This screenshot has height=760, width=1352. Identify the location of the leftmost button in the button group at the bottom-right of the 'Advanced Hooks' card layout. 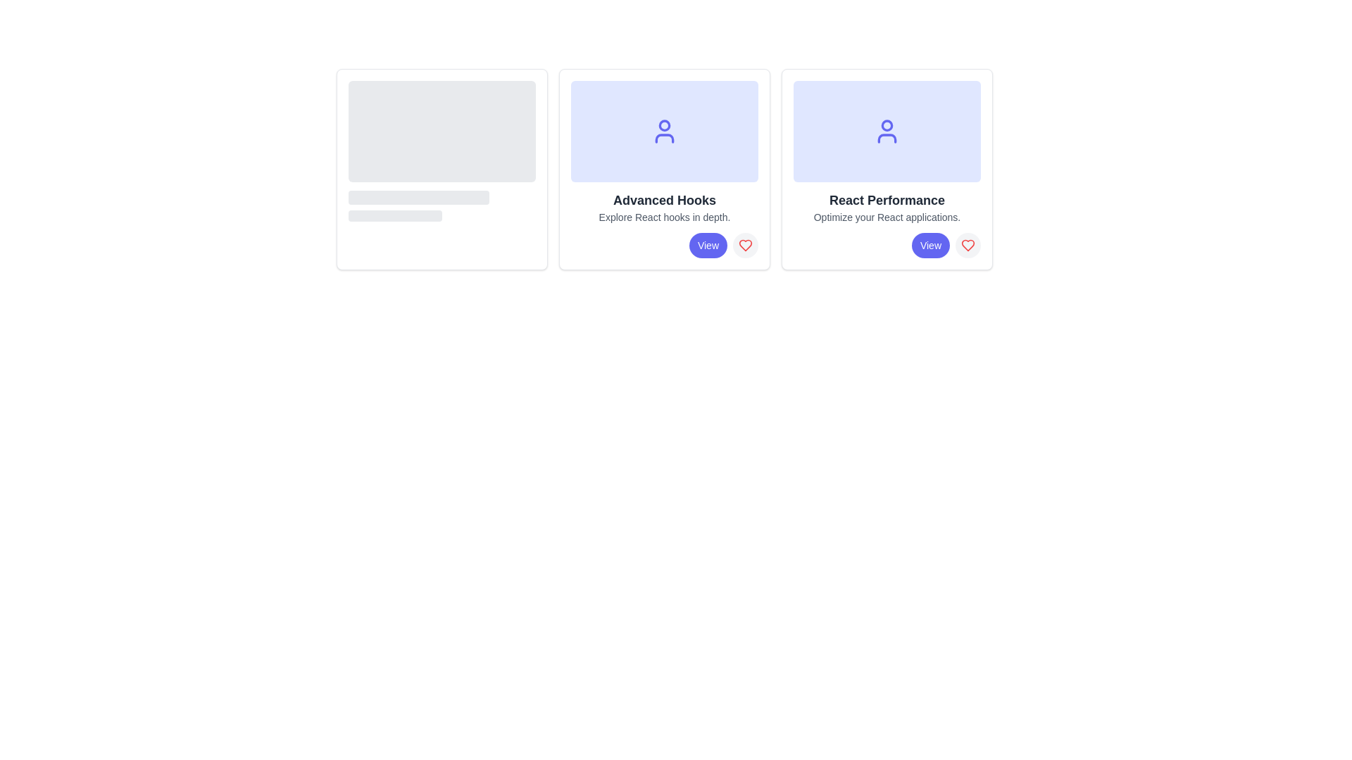
(664, 244).